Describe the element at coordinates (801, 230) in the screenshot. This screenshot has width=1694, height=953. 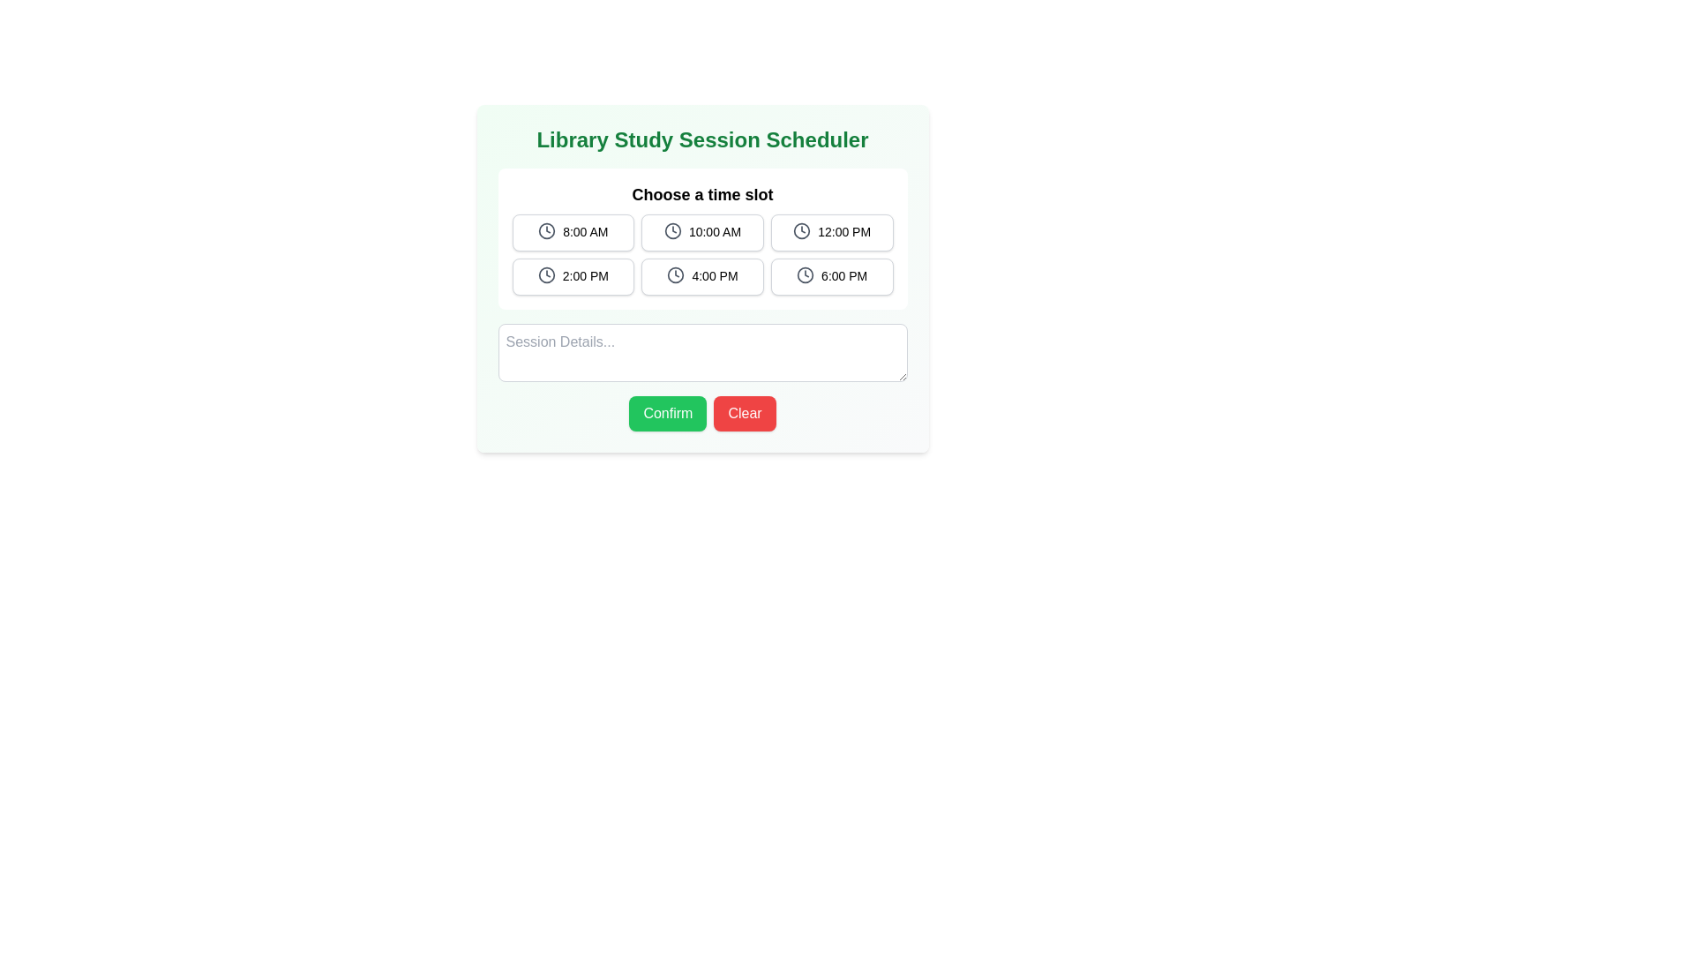
I see `the circular stroke of the clock icon` at that location.